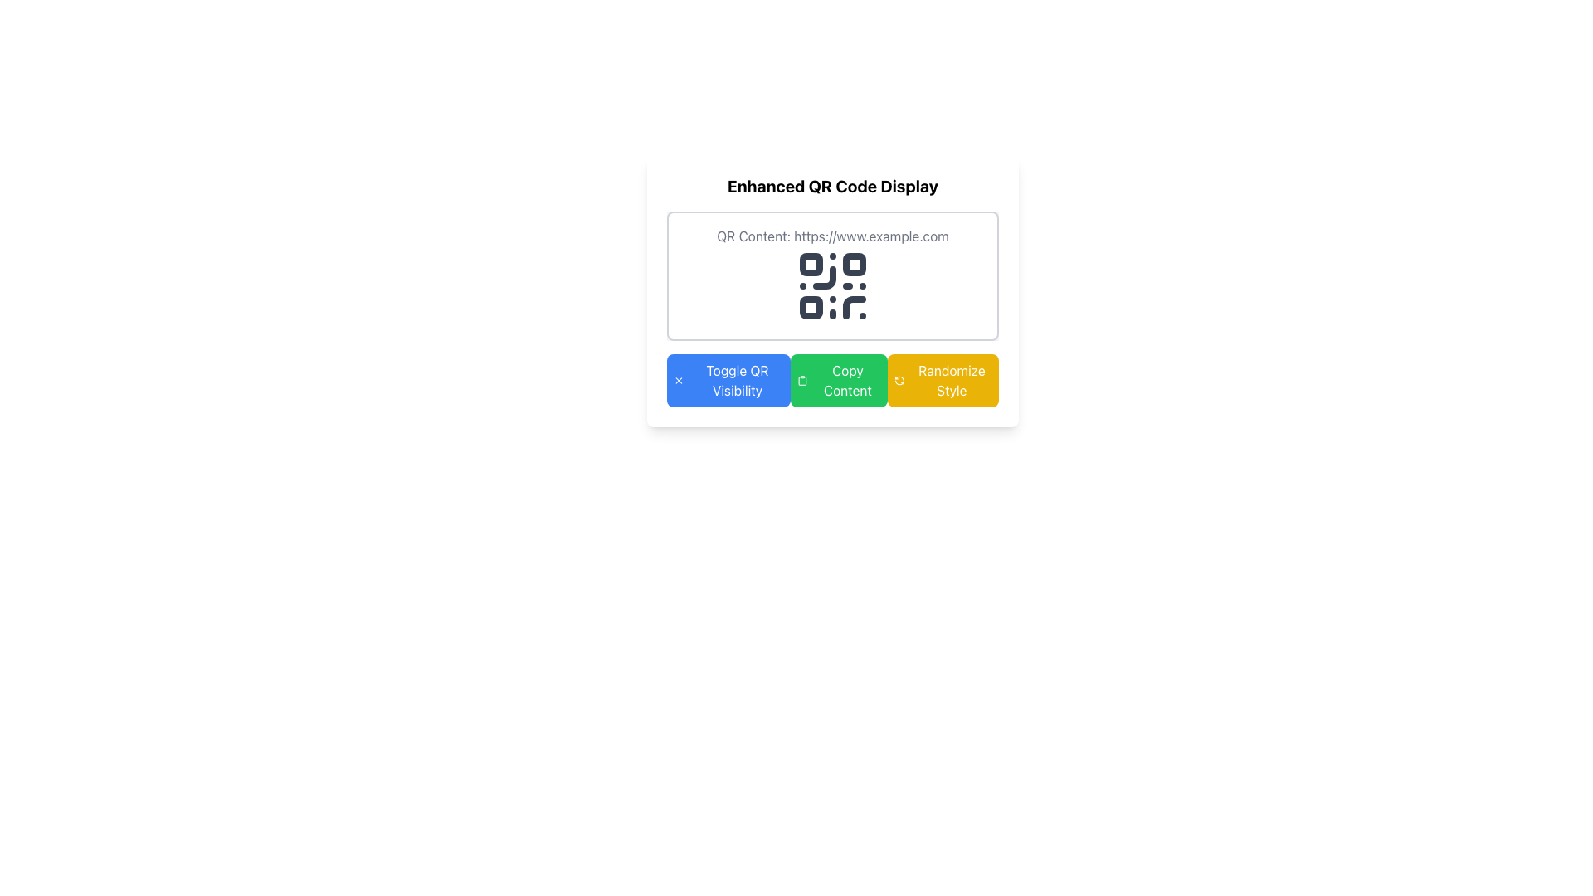 This screenshot has height=896, width=1593. What do you see at coordinates (832, 186) in the screenshot?
I see `header text located at the top of the card, which provides a descriptive label for the content below` at bounding box center [832, 186].